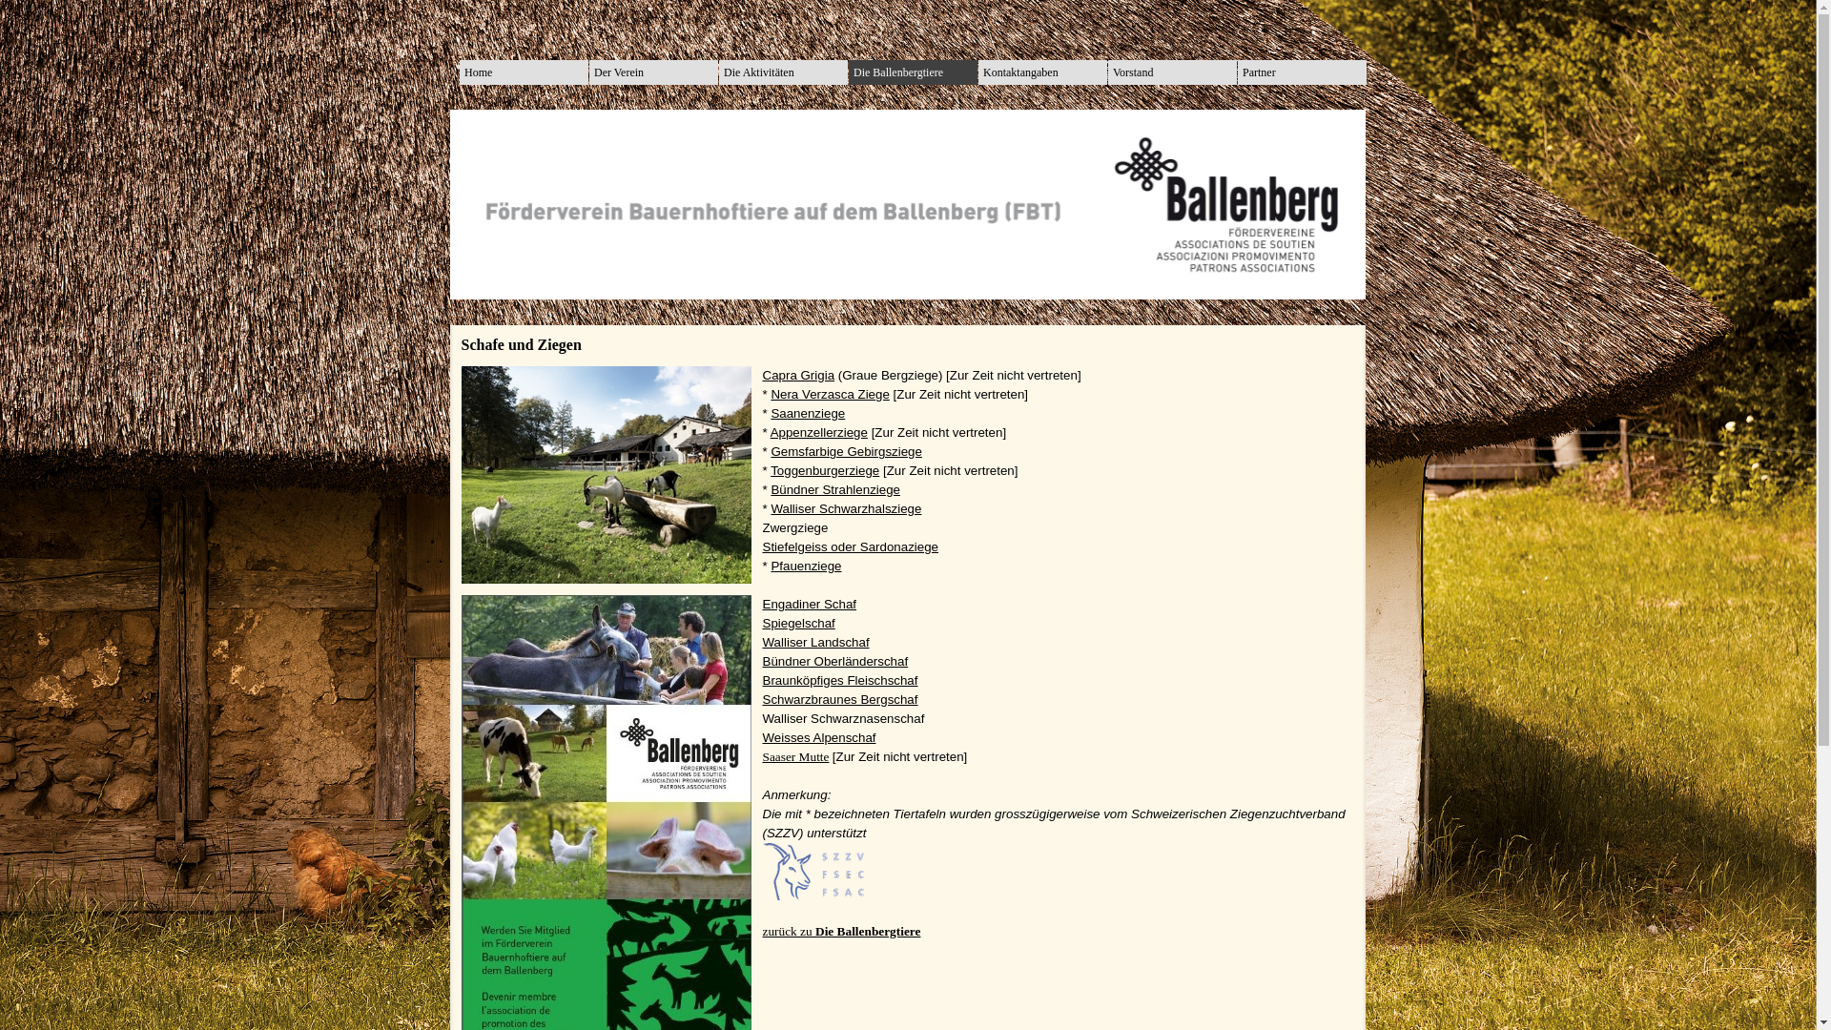  Describe the element at coordinates (770, 393) in the screenshot. I see `'Nera Verzasca Ziege'` at that location.